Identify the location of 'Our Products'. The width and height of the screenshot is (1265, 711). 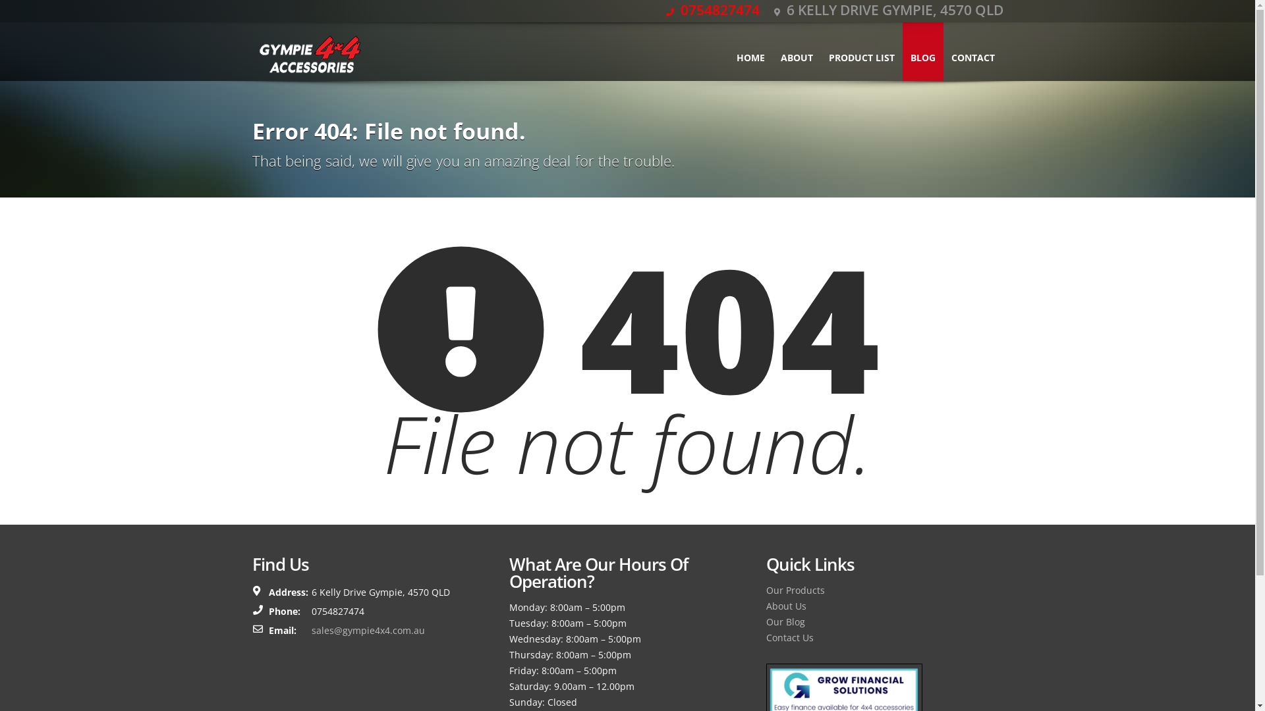
(794, 589).